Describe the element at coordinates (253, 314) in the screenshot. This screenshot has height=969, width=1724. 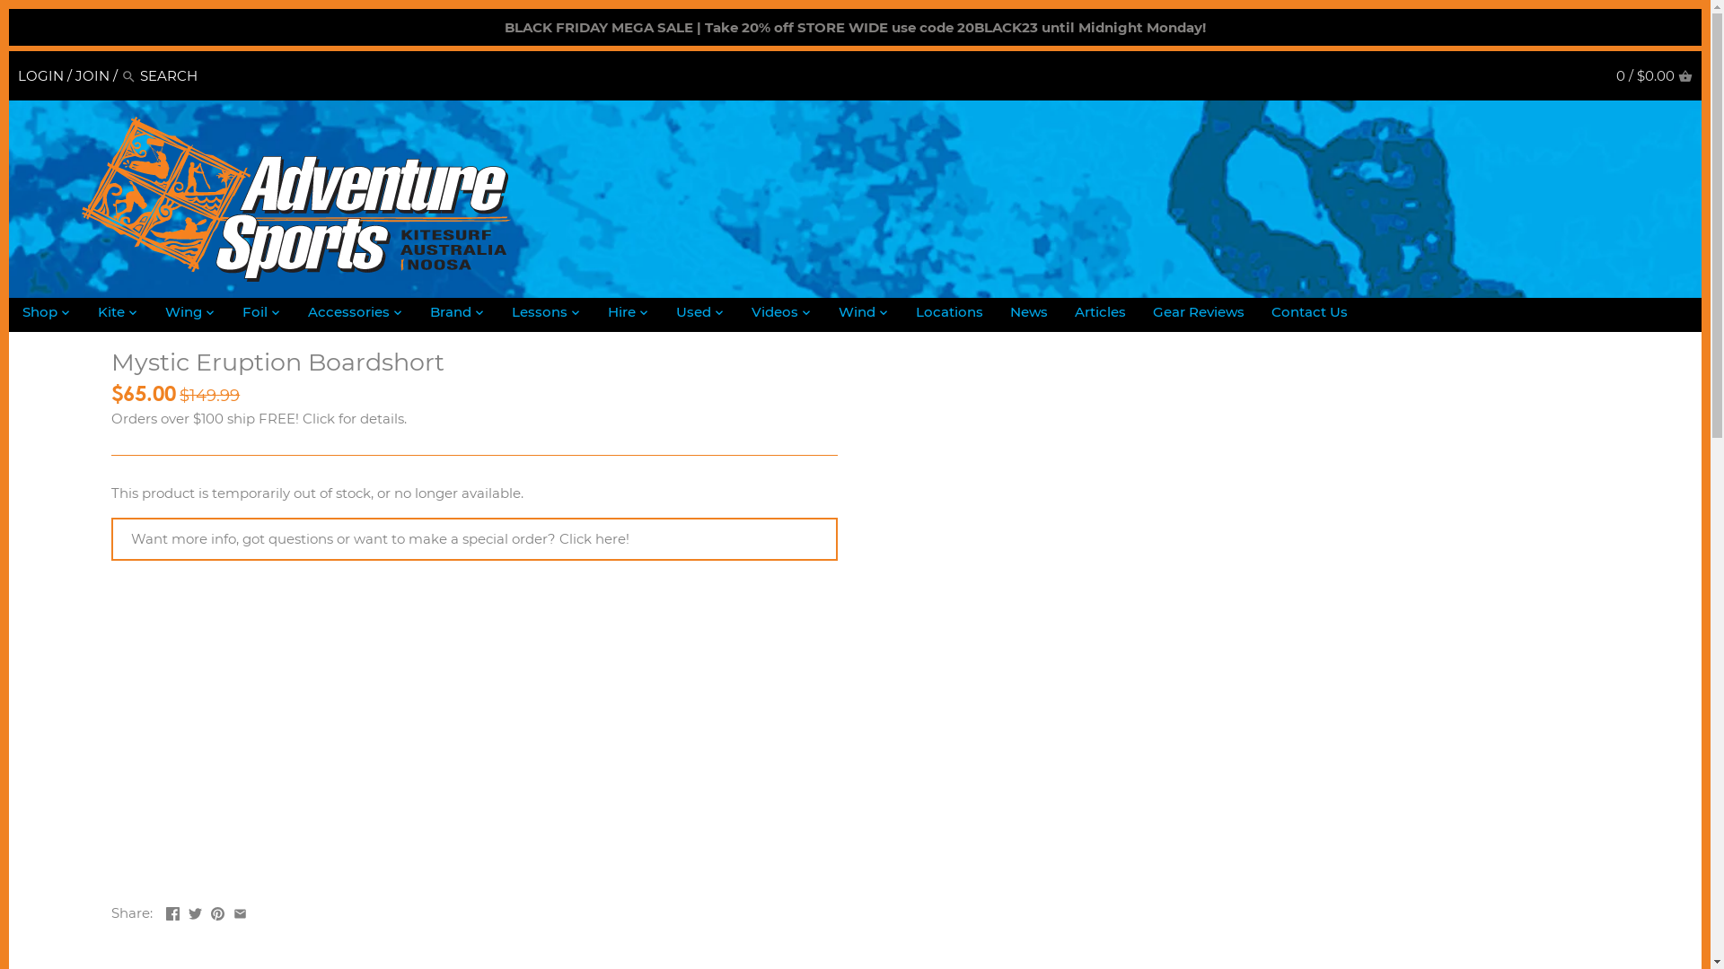
I see `'Foil'` at that location.